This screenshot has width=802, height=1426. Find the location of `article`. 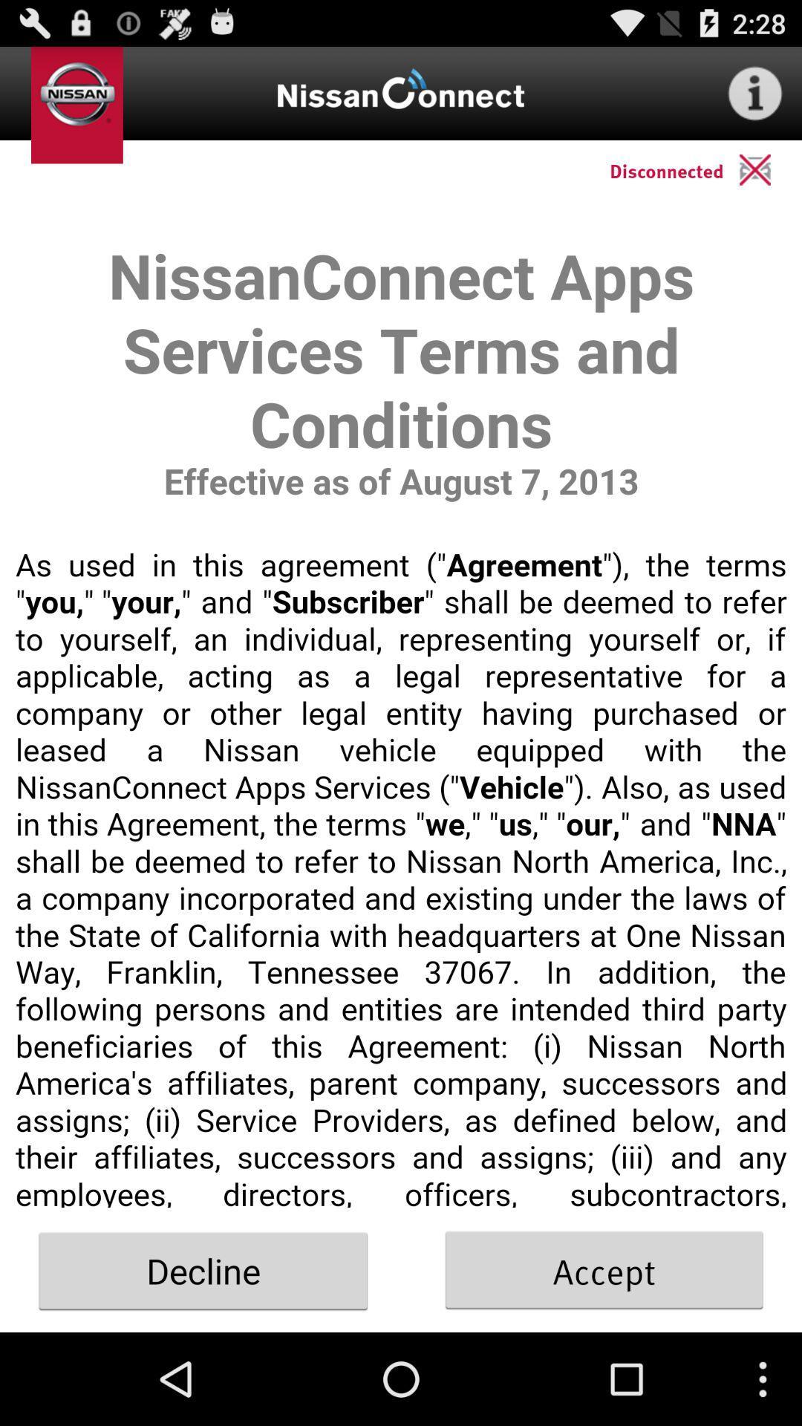

article is located at coordinates (401, 703).